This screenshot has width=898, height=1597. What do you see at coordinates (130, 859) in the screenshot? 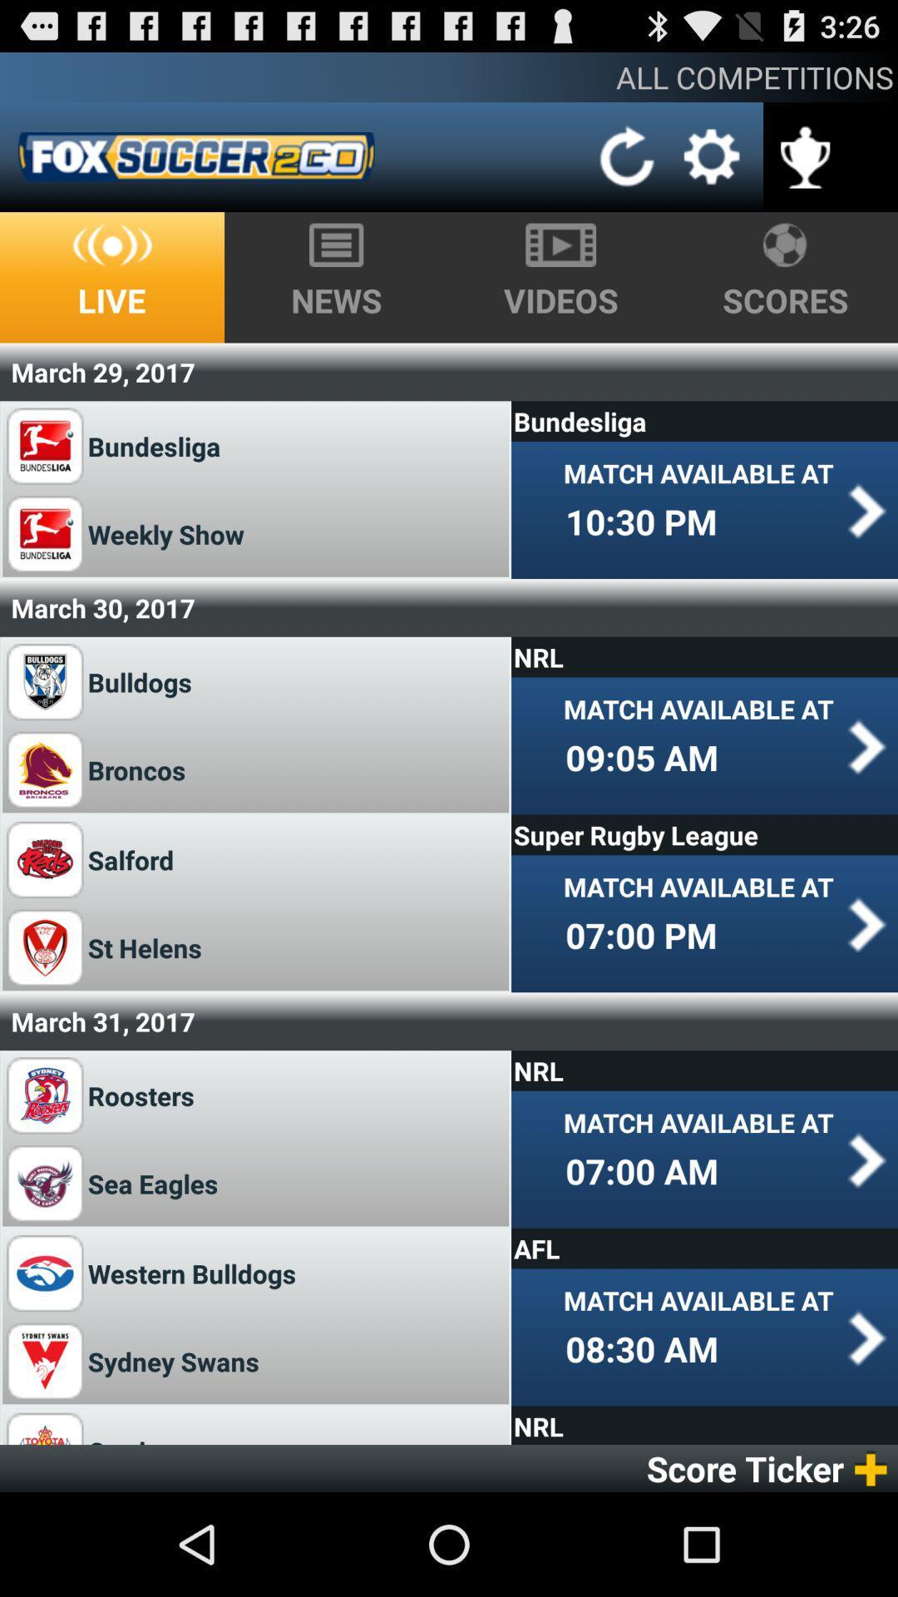
I see `app next to the super rugby league icon` at bounding box center [130, 859].